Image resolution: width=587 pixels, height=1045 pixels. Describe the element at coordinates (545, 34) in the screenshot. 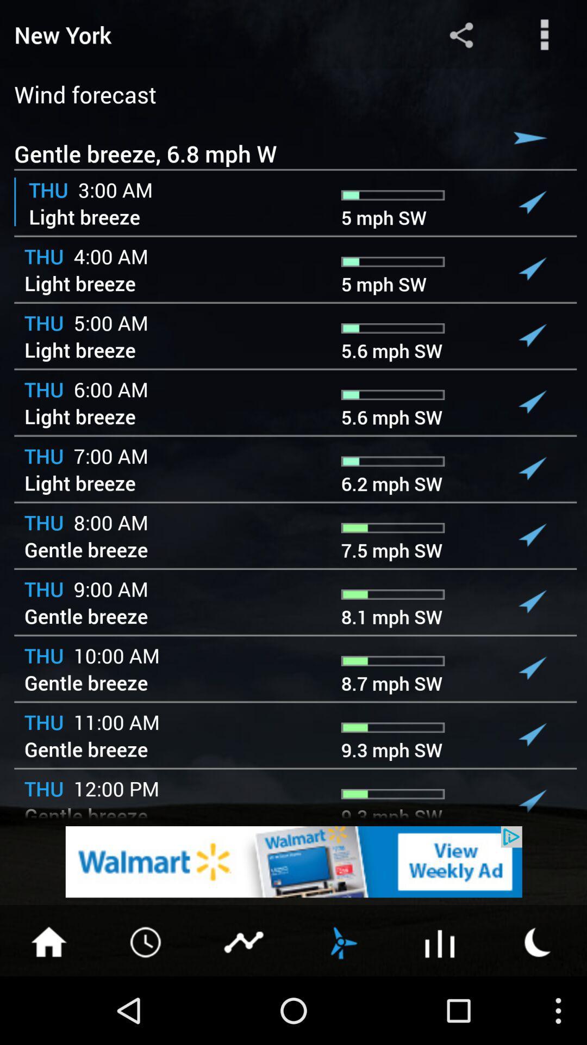

I see `more options` at that location.